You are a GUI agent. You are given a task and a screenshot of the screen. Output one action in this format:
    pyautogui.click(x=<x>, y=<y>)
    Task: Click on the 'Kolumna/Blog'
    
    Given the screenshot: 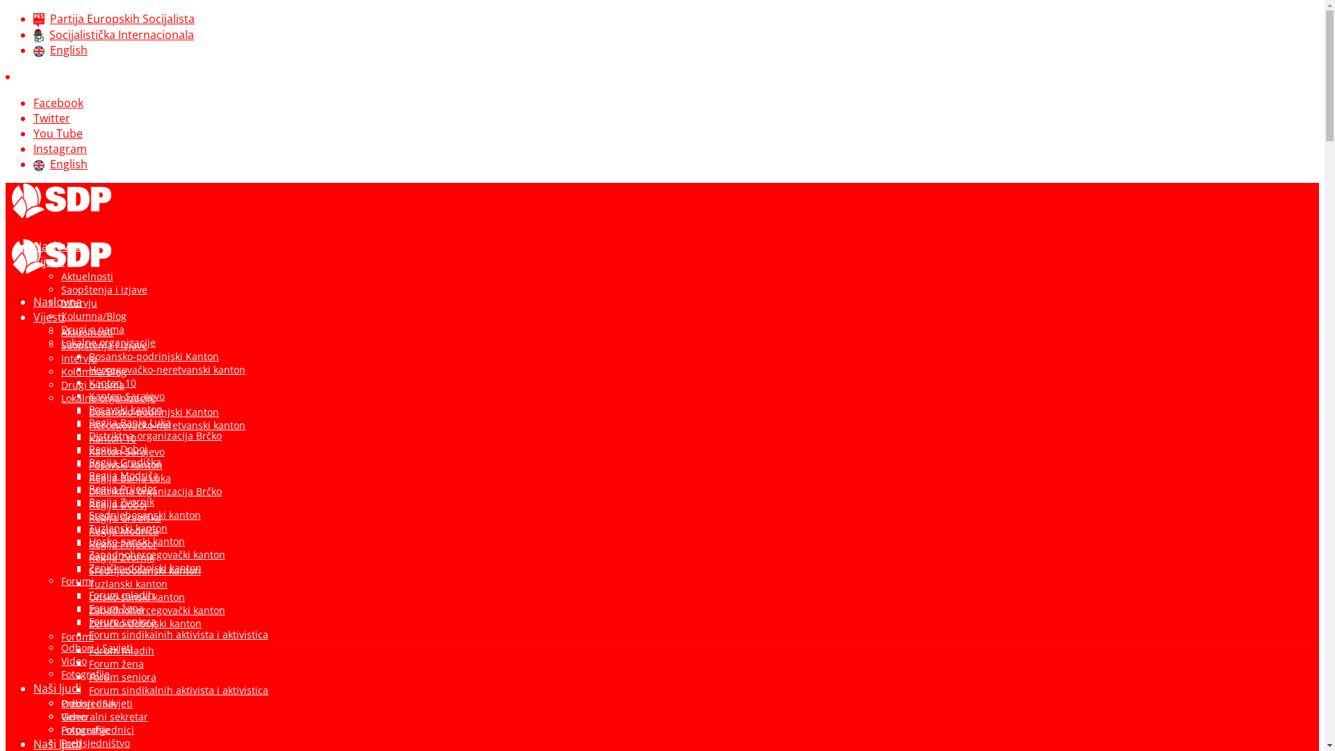 What is the action you would take?
    pyautogui.click(x=92, y=316)
    